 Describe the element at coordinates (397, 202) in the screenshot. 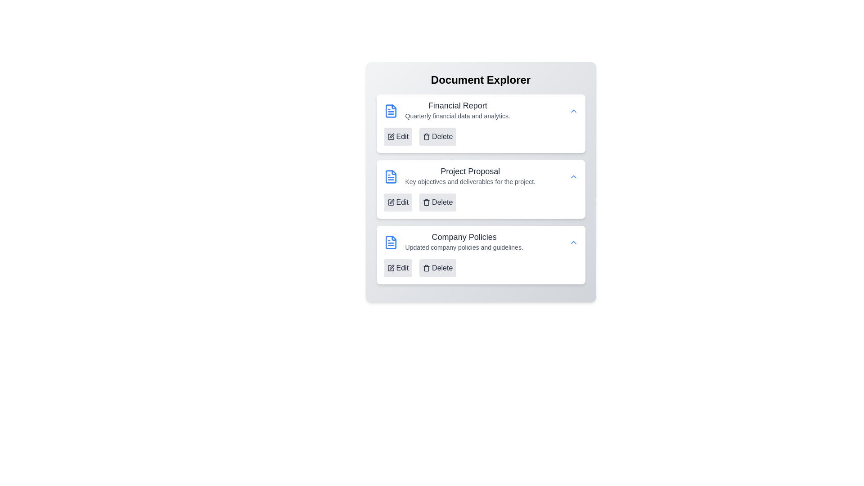

I see `the 'Edit' button for the document titled Project Proposal` at that location.